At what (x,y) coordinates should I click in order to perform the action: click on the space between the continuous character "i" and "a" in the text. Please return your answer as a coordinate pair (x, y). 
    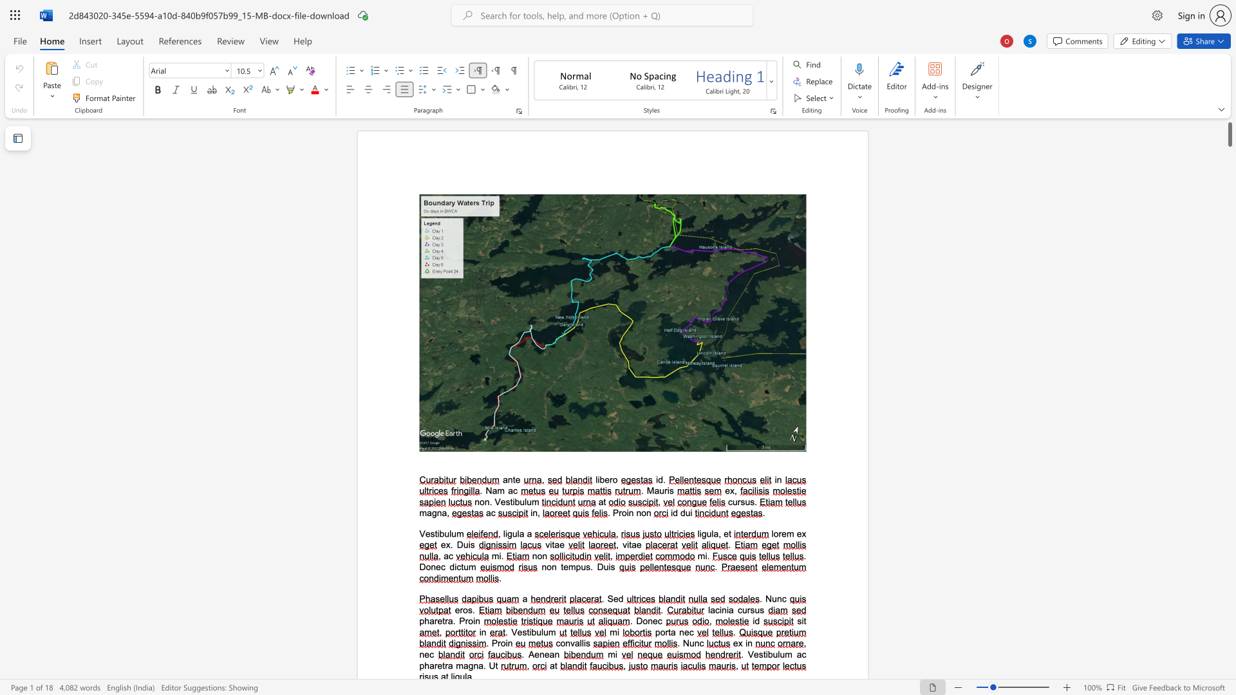
    Looking at the image, I should click on (729, 609).